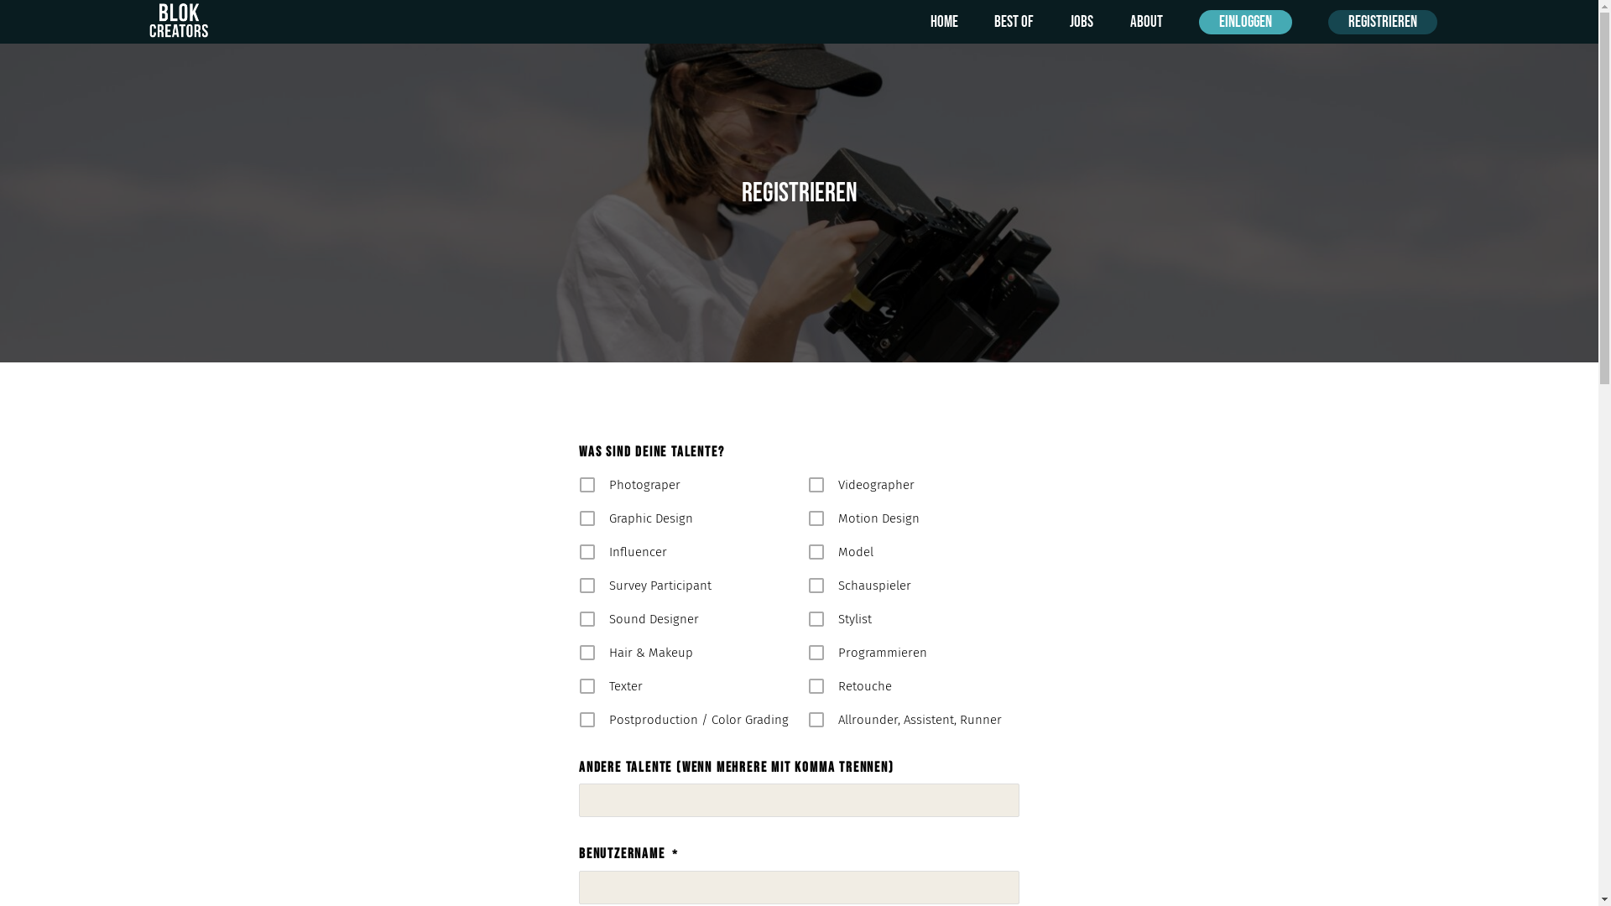 Image resolution: width=1611 pixels, height=906 pixels. What do you see at coordinates (1082, 22) in the screenshot?
I see `'Jobs'` at bounding box center [1082, 22].